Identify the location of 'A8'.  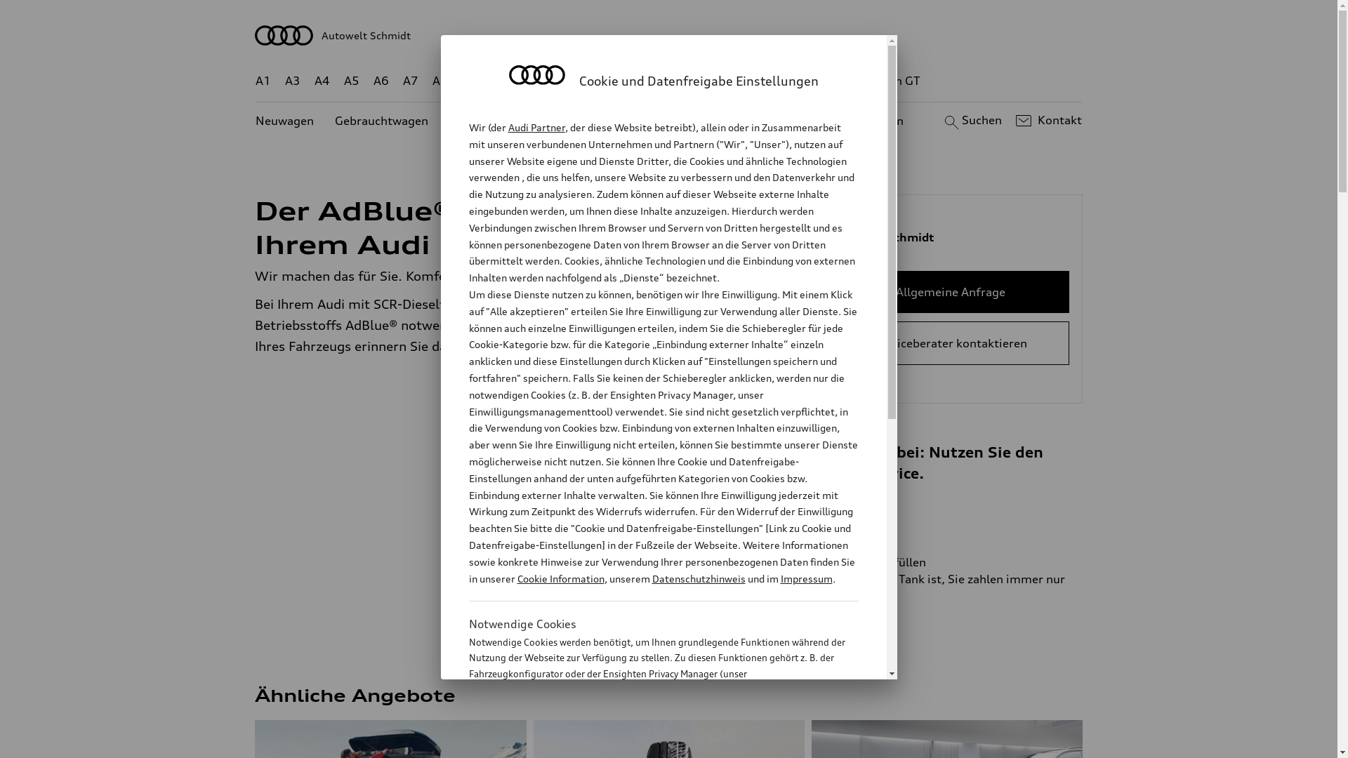
(440, 81).